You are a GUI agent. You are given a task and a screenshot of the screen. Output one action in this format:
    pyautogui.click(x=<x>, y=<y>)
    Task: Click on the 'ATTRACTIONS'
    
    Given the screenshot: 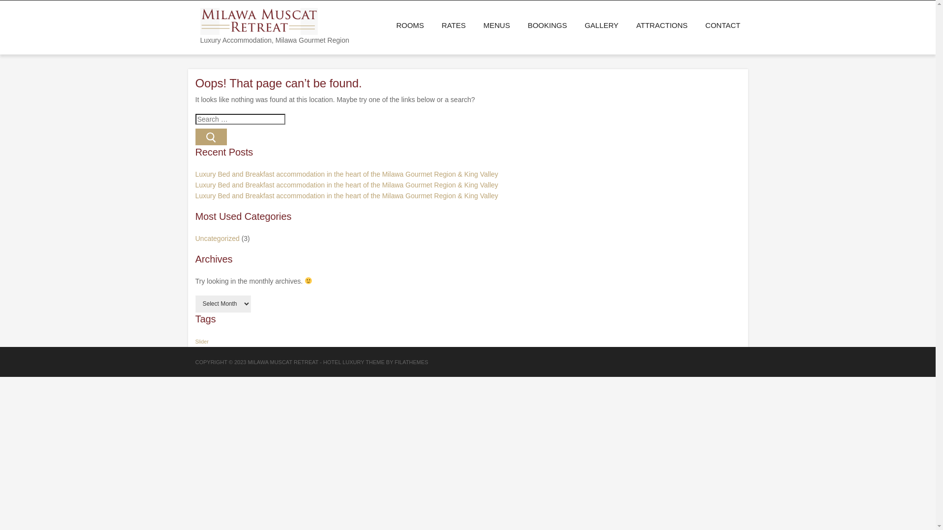 What is the action you would take?
    pyautogui.click(x=662, y=25)
    